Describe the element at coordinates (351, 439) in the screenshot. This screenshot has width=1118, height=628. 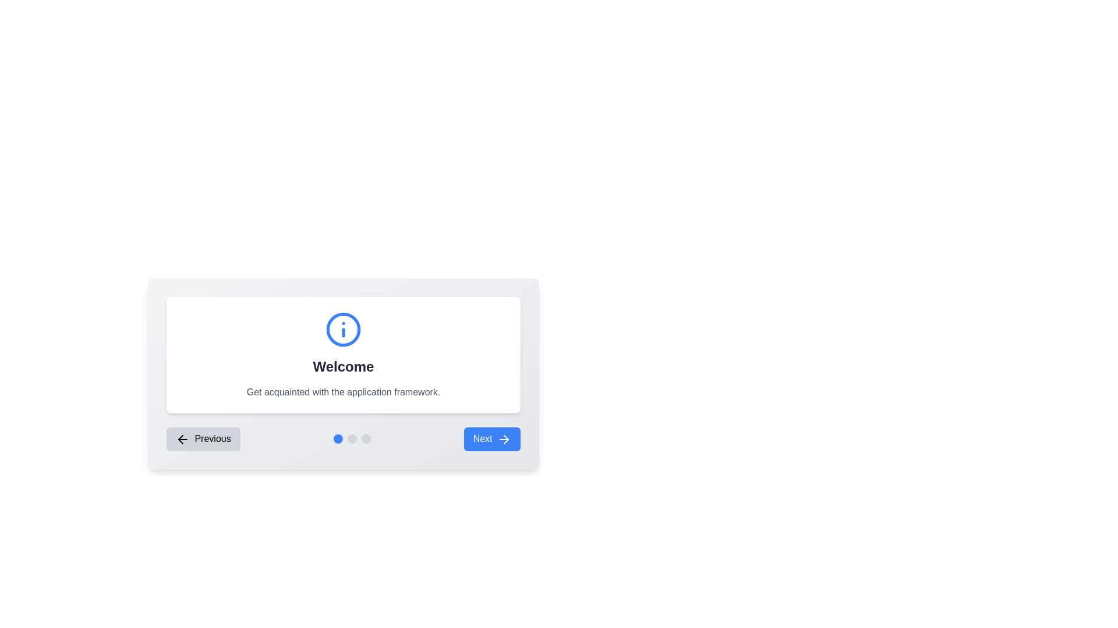
I see `the second pagination indicator dot, which is a small circular dot with a gray background located at the center bottom of the interface` at that location.